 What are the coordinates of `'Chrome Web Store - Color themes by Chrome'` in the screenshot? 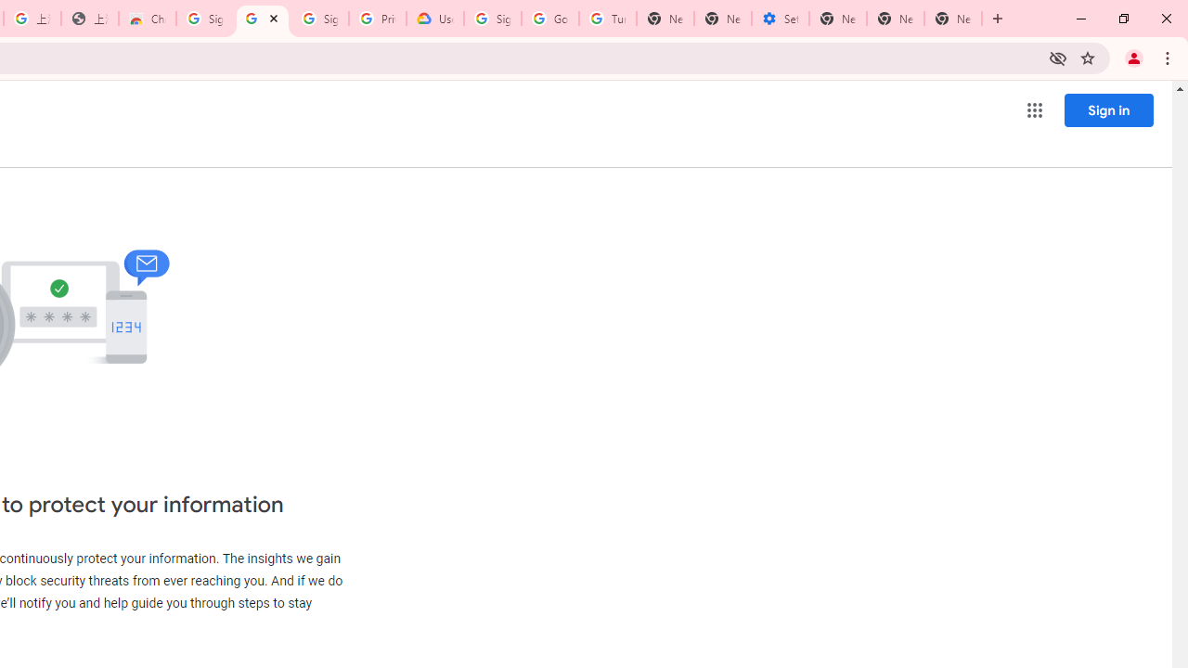 It's located at (146, 19).